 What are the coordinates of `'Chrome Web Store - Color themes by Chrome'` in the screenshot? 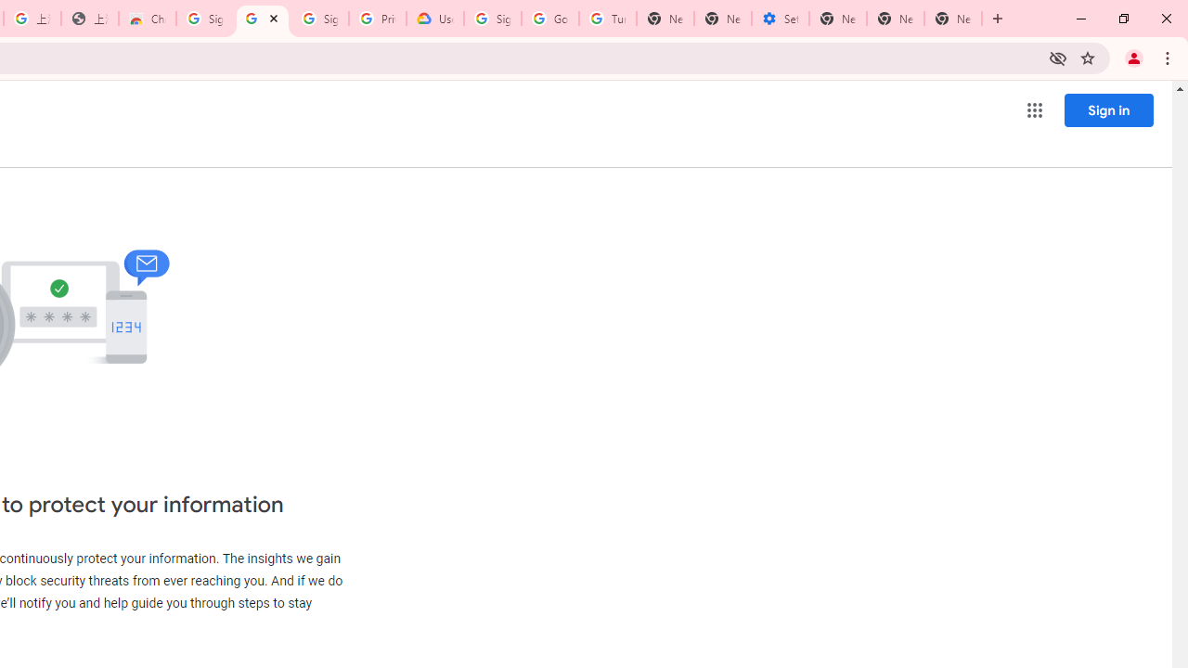 It's located at (146, 19).